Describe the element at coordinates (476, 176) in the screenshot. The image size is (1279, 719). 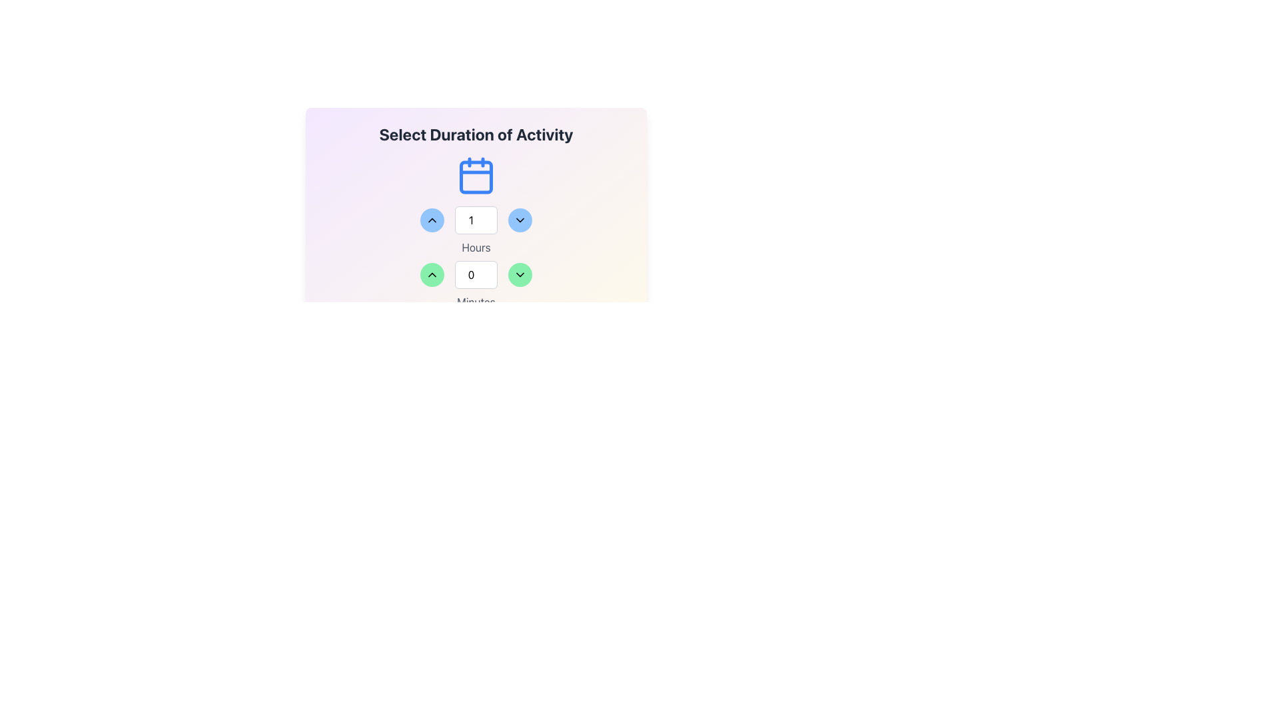
I see `the calendar-like icon with a square base and rounded corners, which is centrally located below the heading text 'Select Duration of Activity'` at that location.